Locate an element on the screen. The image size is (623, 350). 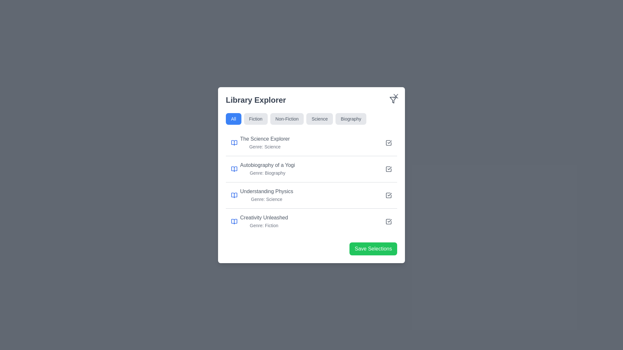
the checkmark icon of the checkbox-like UI component indicating selection for 'Autobiography of a Yogi' is located at coordinates (389, 169).